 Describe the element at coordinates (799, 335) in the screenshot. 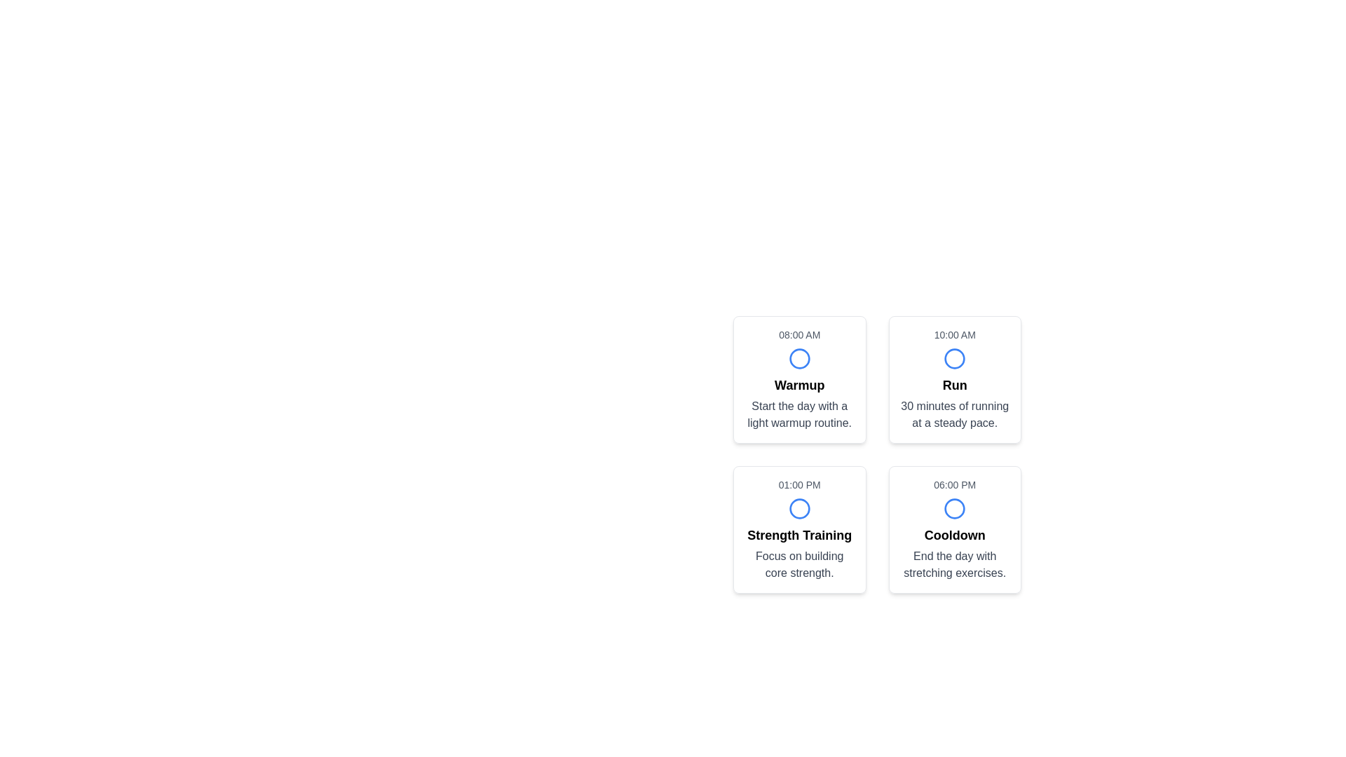

I see `the text label displaying '08:00 AM' which is located at the top of the 'Warmup' card in the upper-left corner of the grid layout` at that location.